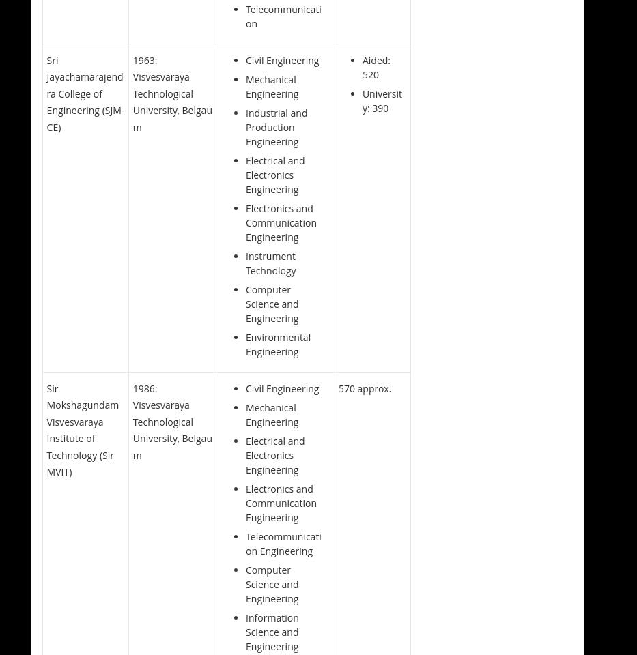 Image resolution: width=637 pixels, height=655 pixels. I want to click on '1963: Visvesvaraya Technological University, Belgaum', so click(171, 92).